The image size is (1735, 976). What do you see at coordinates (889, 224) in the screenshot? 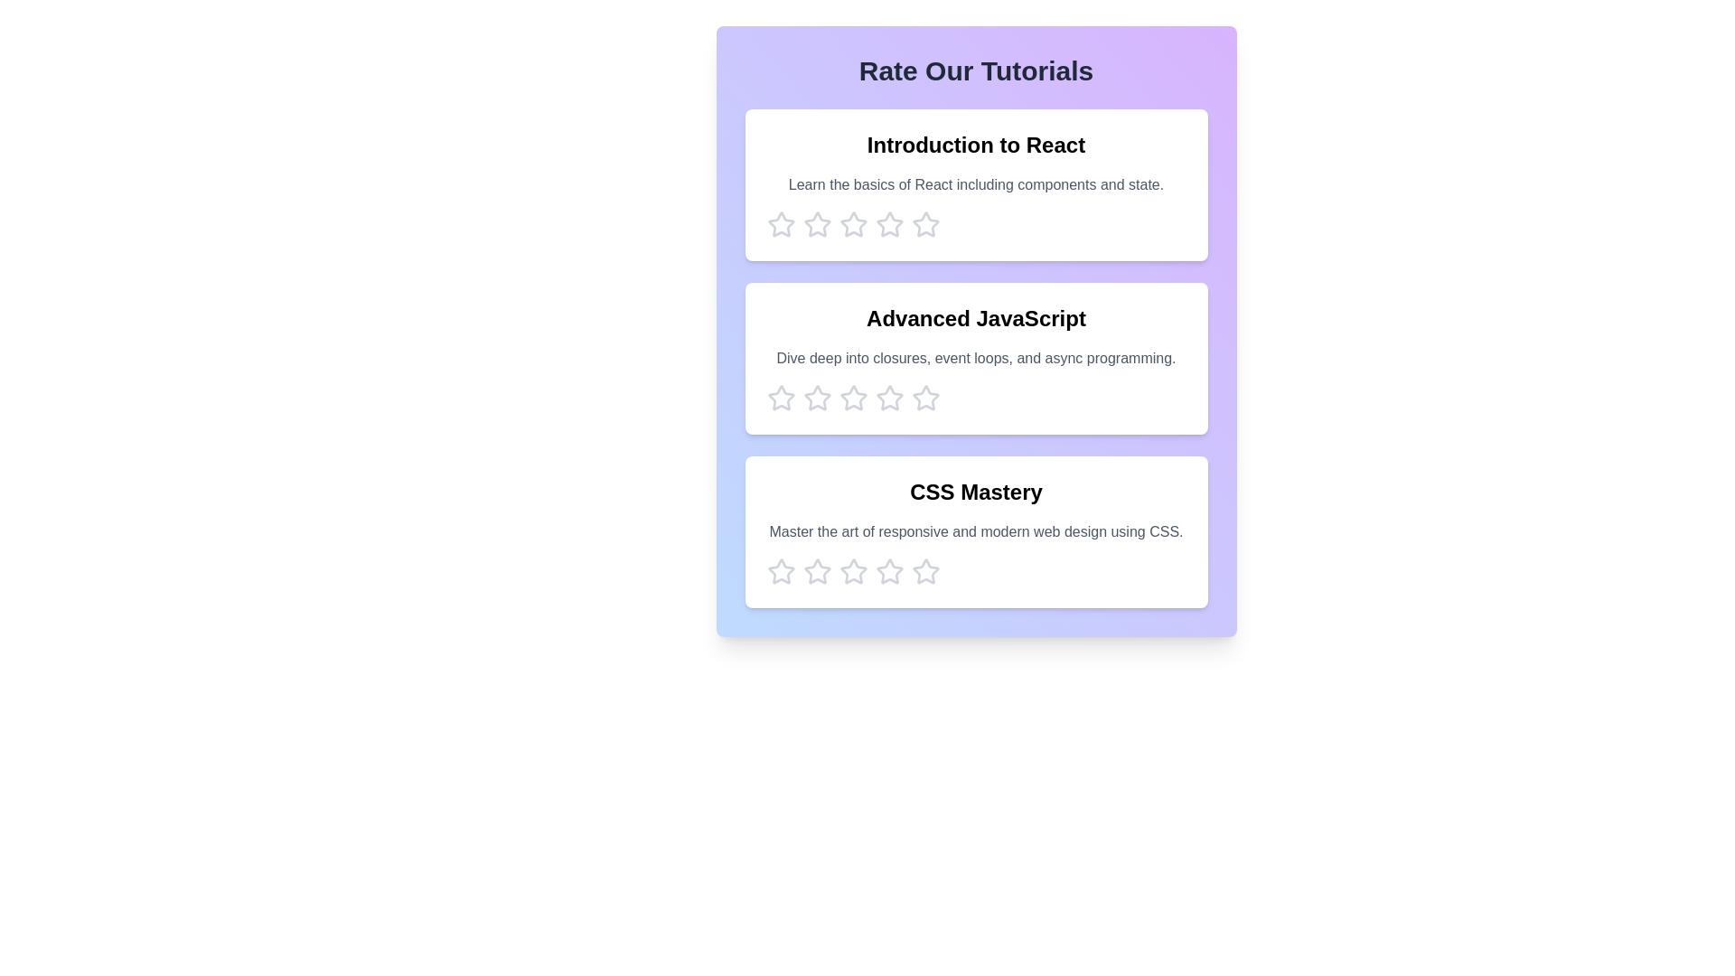
I see `the star corresponding to 4 stars to preview the rating effect` at bounding box center [889, 224].